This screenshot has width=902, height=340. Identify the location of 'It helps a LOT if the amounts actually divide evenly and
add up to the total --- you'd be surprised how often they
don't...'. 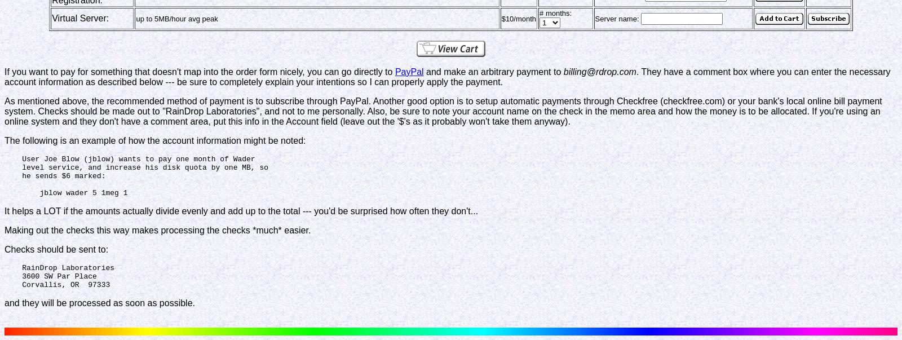
(4, 211).